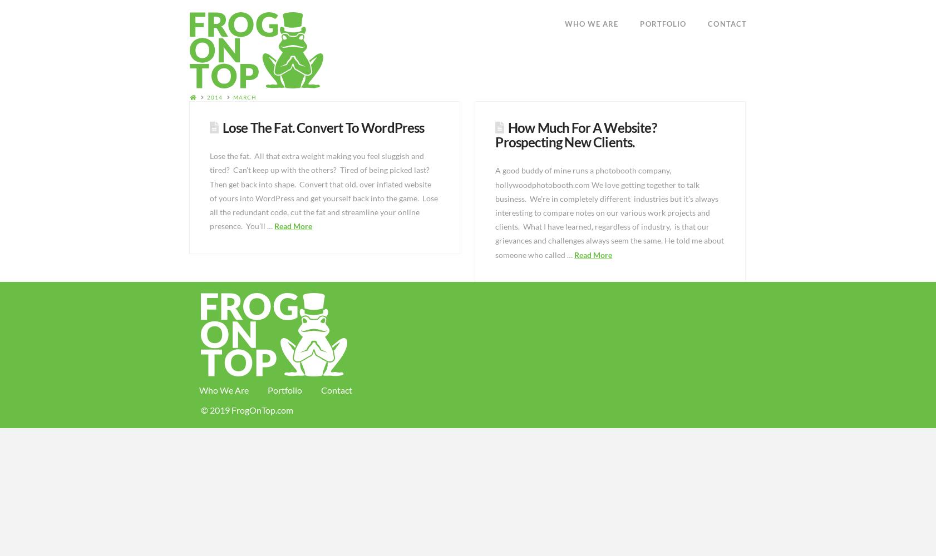 This screenshot has width=936, height=556. I want to click on '2014', so click(214, 97).